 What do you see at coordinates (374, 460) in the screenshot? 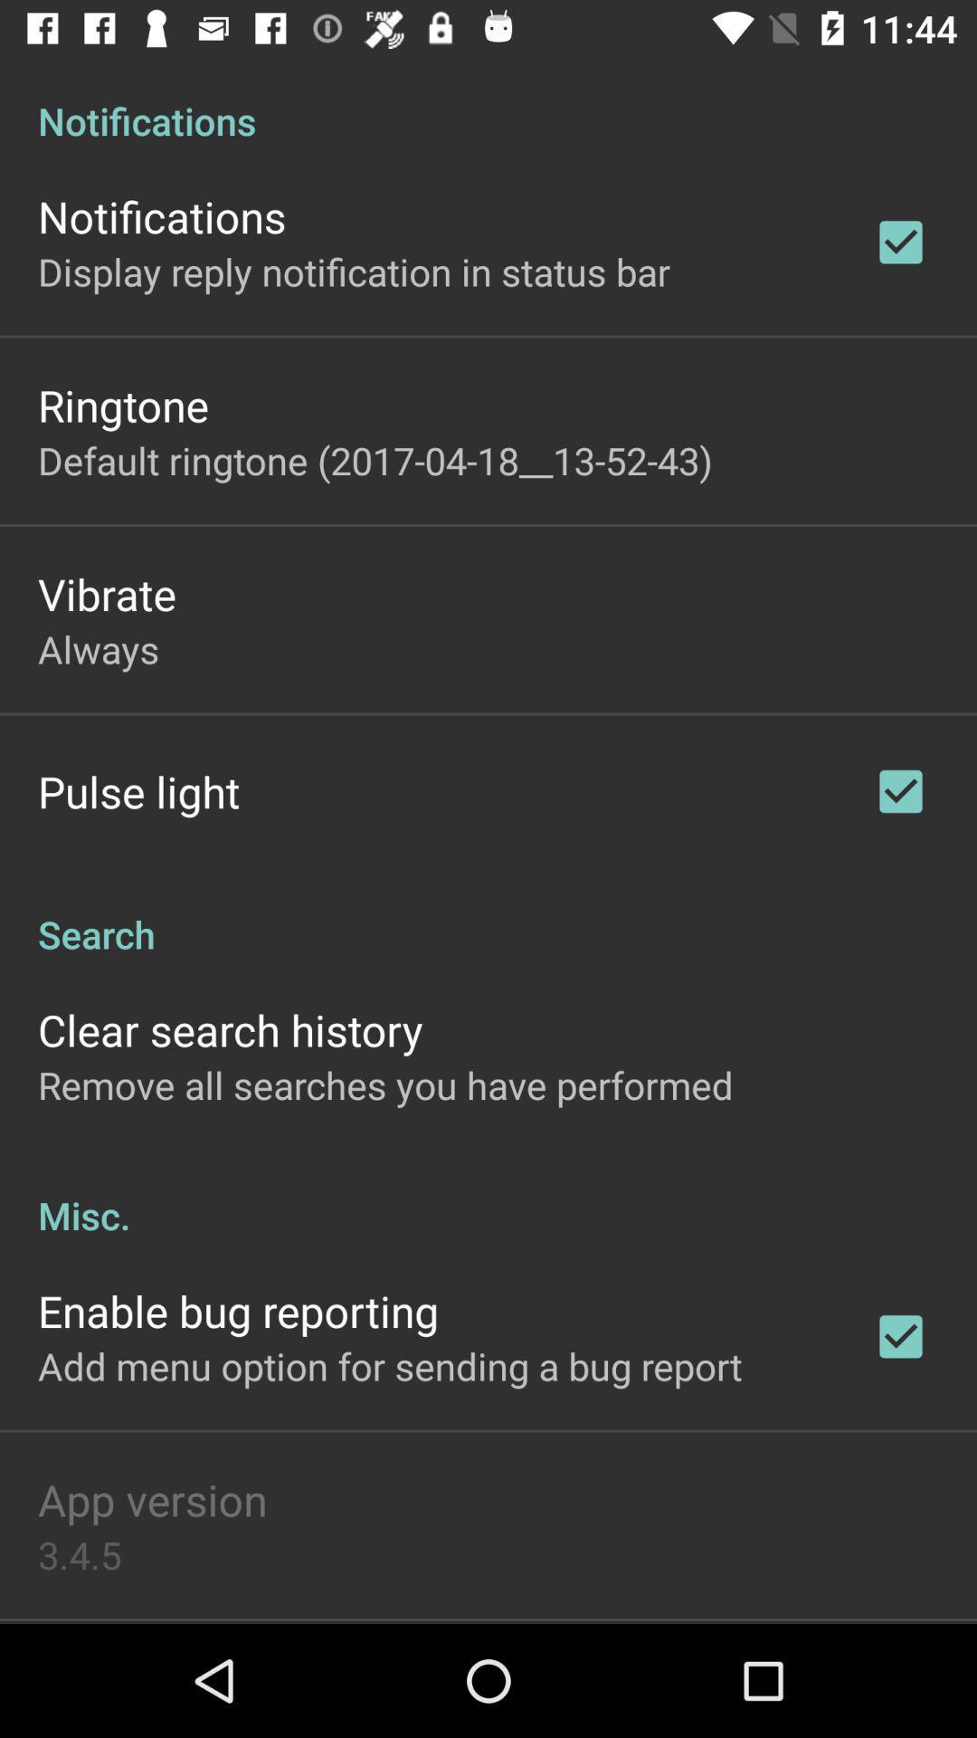
I see `the default ringtone 2017 icon` at bounding box center [374, 460].